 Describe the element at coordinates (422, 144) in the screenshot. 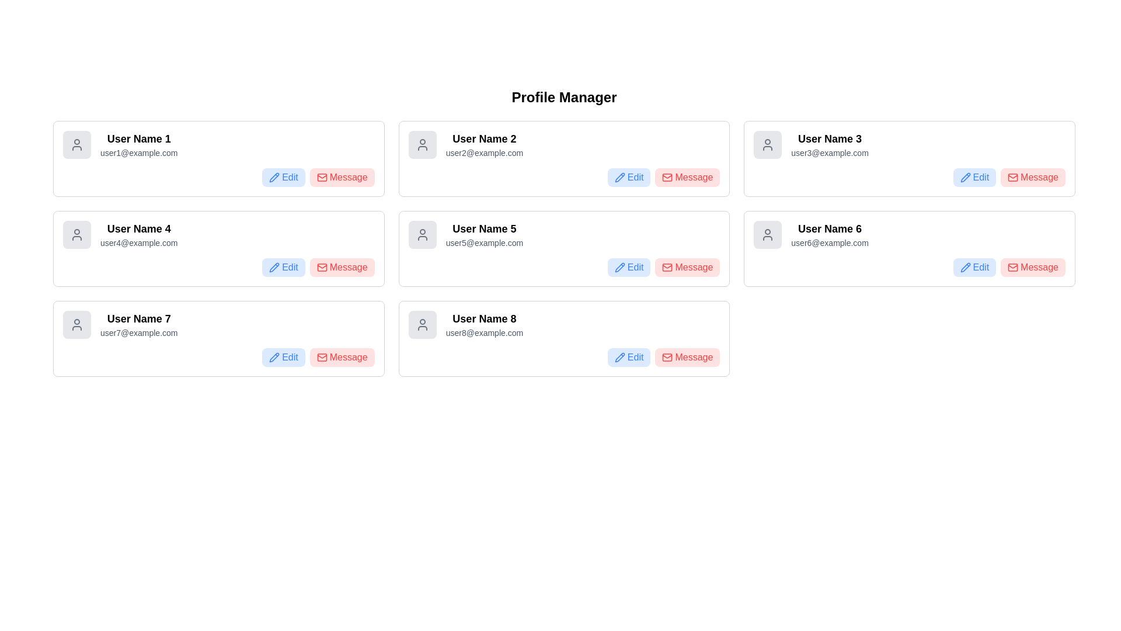

I see `the rounded rectangle icon with a gray background containing a user silhouette graphic, located in the upper-left corner of the card associated with 'User Name 2'` at that location.